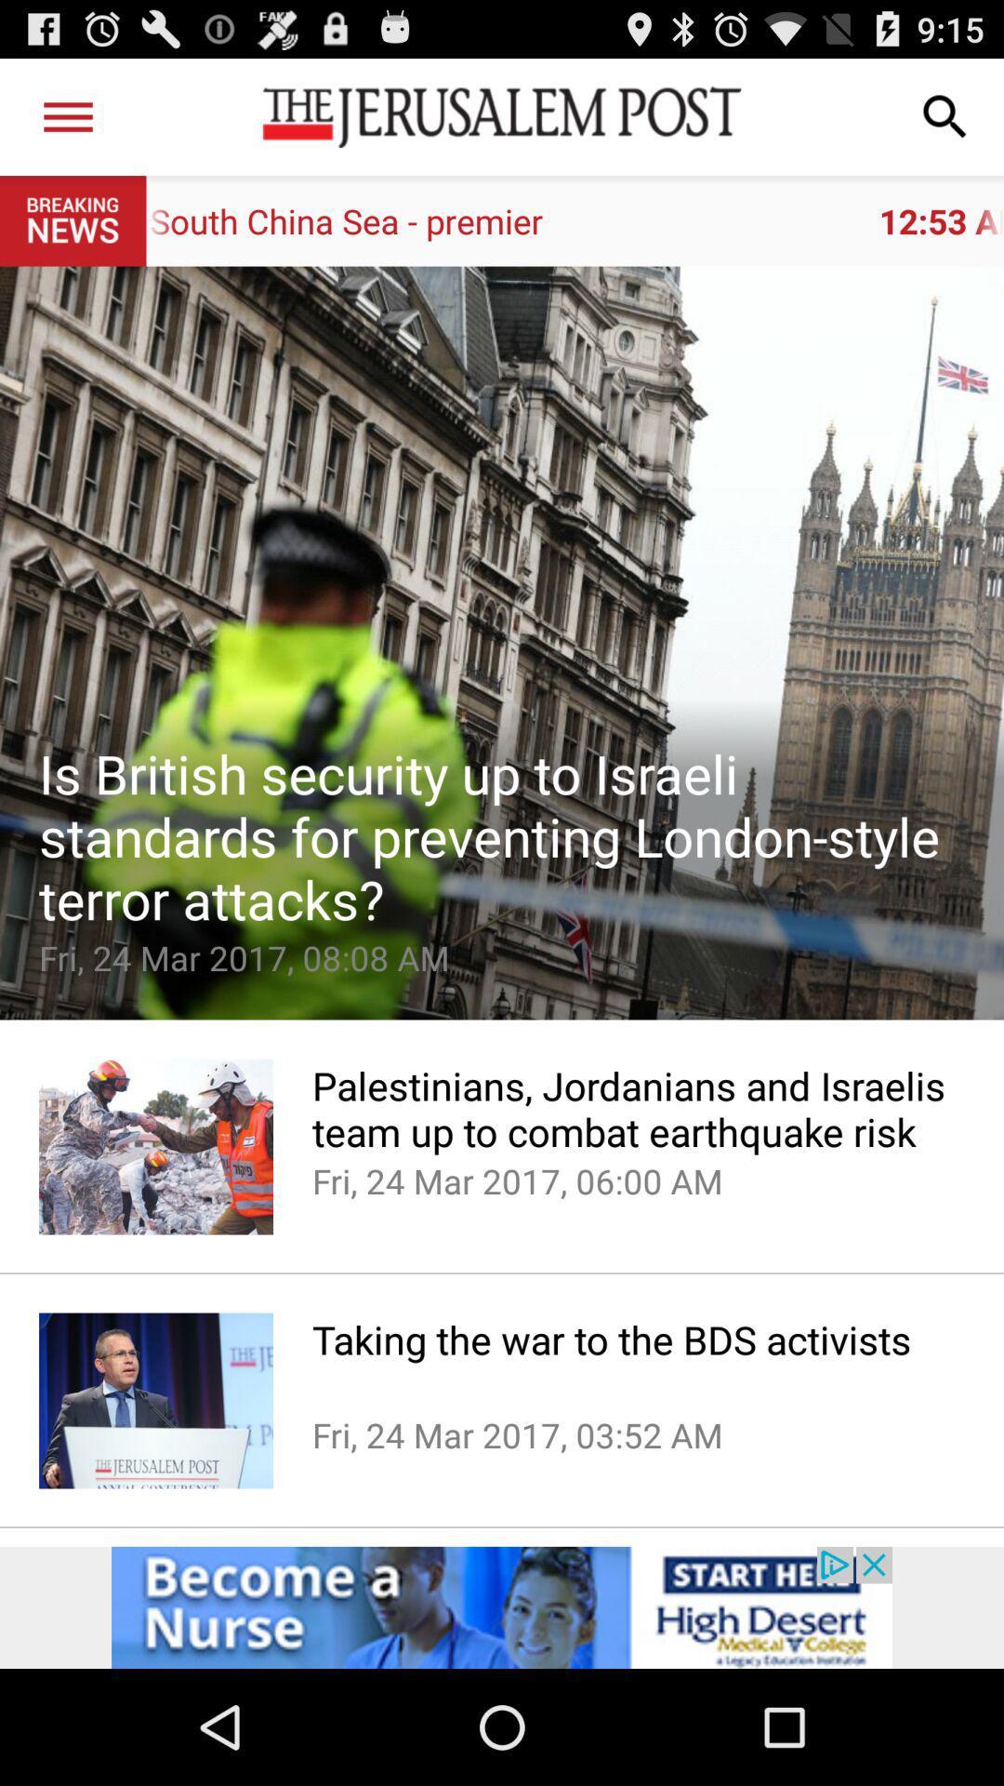 Image resolution: width=1004 pixels, height=1786 pixels. I want to click on app next to the 12 53 am icon, so click(67, 115).